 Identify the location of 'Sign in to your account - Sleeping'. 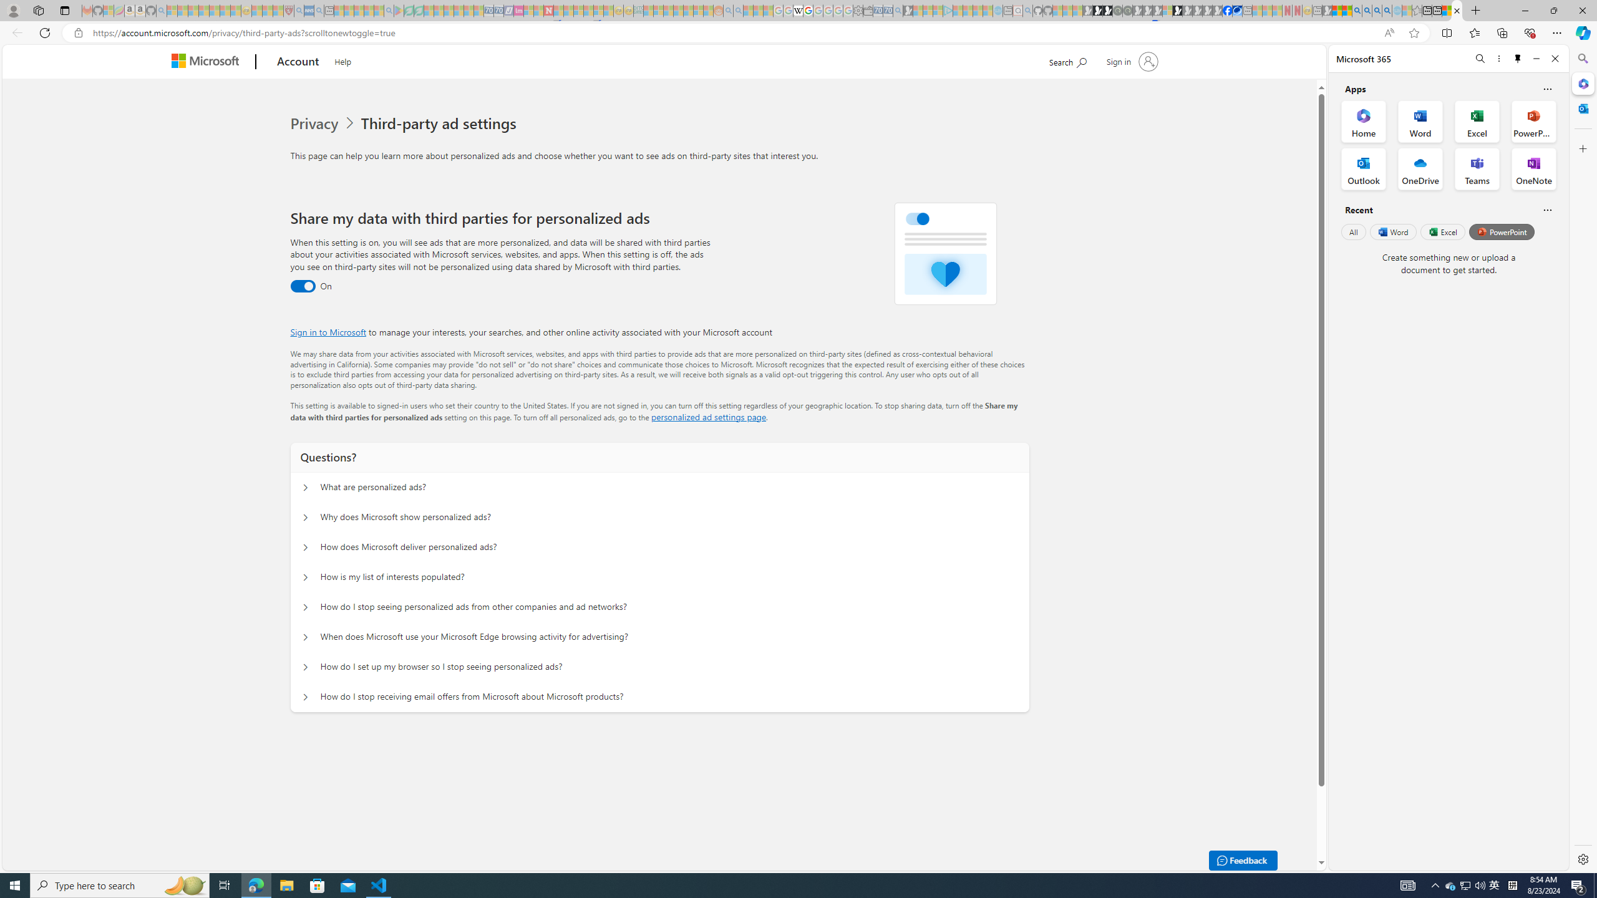
(1167, 10).